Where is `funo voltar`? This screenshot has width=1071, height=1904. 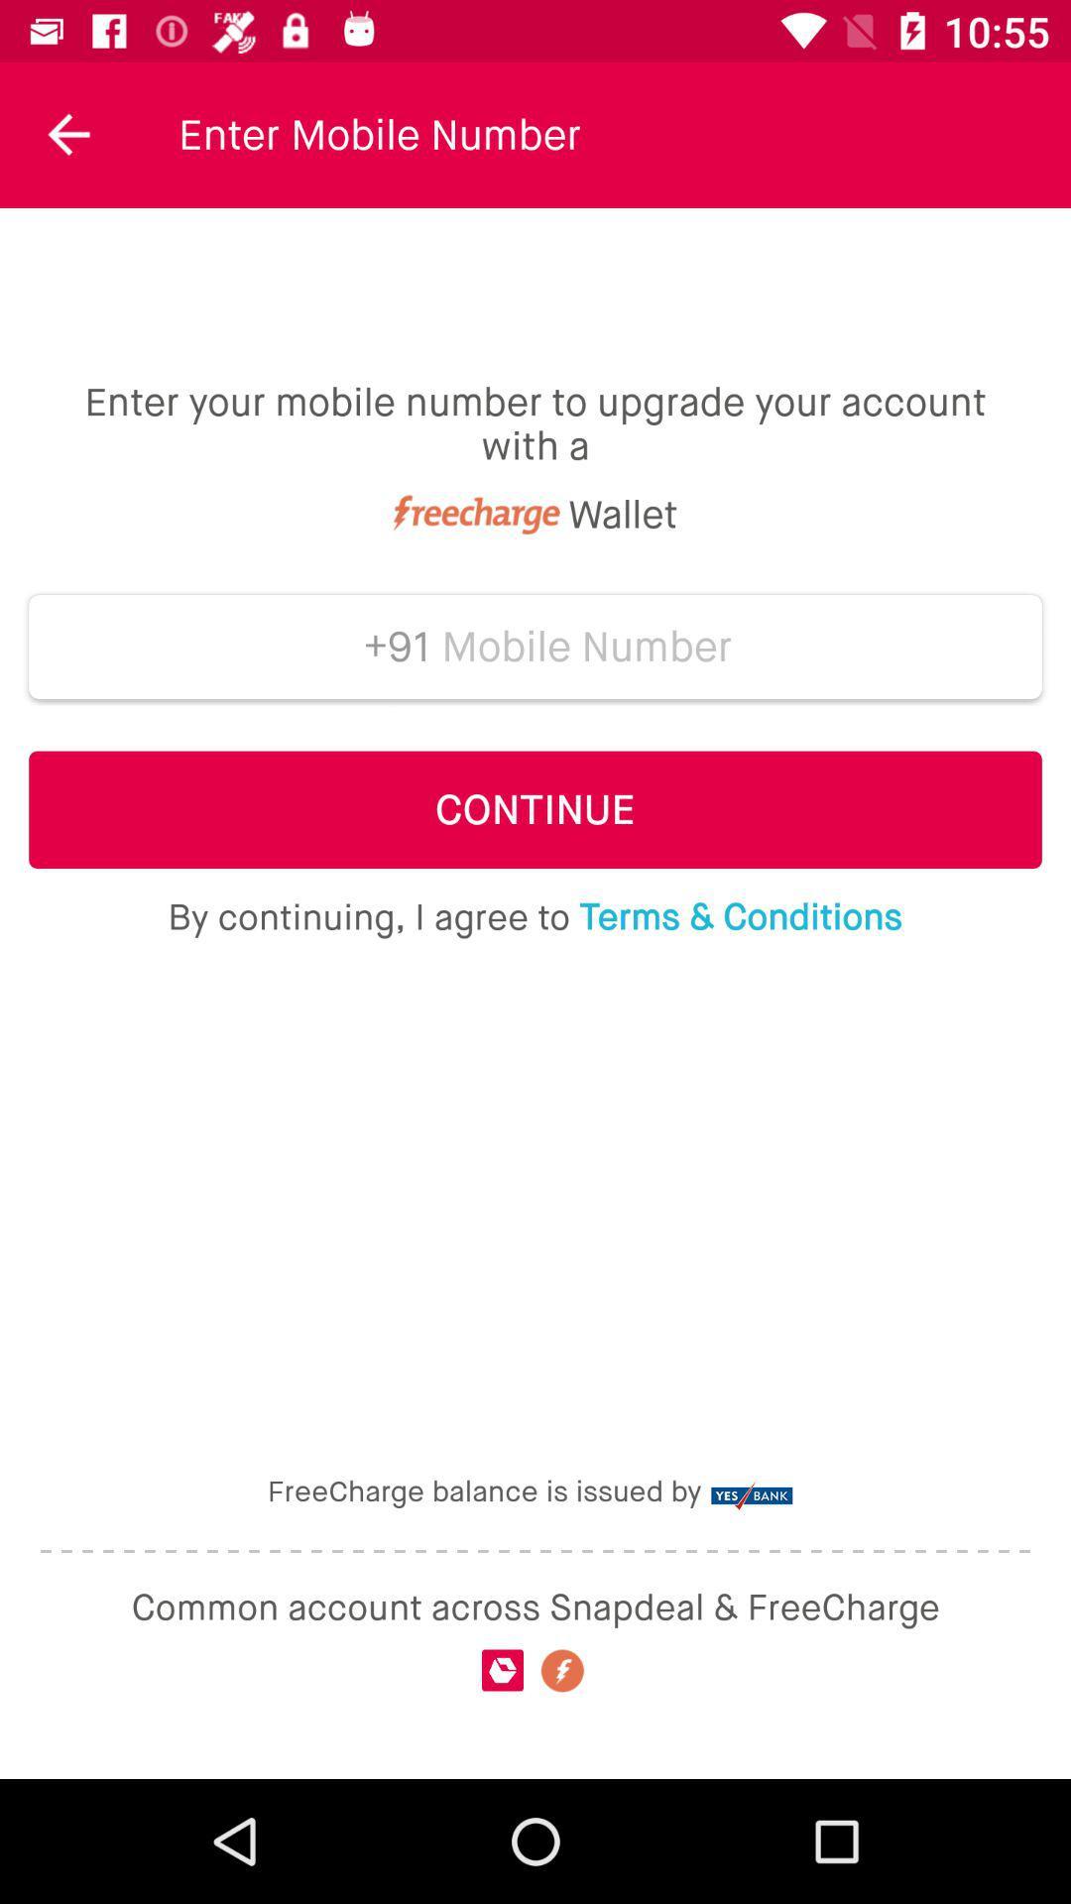
funo voltar is located at coordinates (68, 134).